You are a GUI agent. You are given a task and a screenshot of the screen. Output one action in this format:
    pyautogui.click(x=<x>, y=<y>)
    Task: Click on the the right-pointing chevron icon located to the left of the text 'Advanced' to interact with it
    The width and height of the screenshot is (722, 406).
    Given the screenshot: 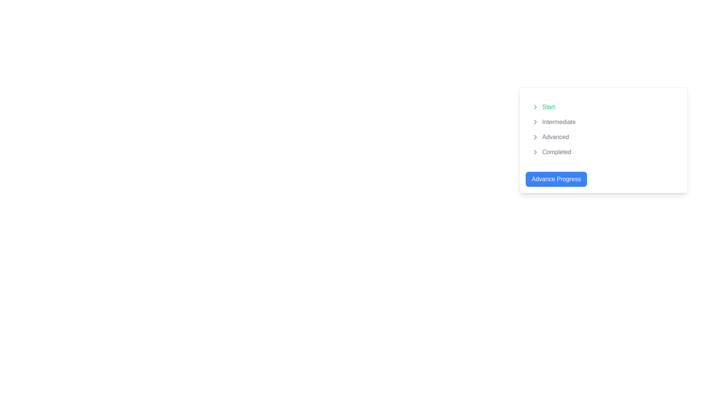 What is the action you would take?
    pyautogui.click(x=535, y=137)
    